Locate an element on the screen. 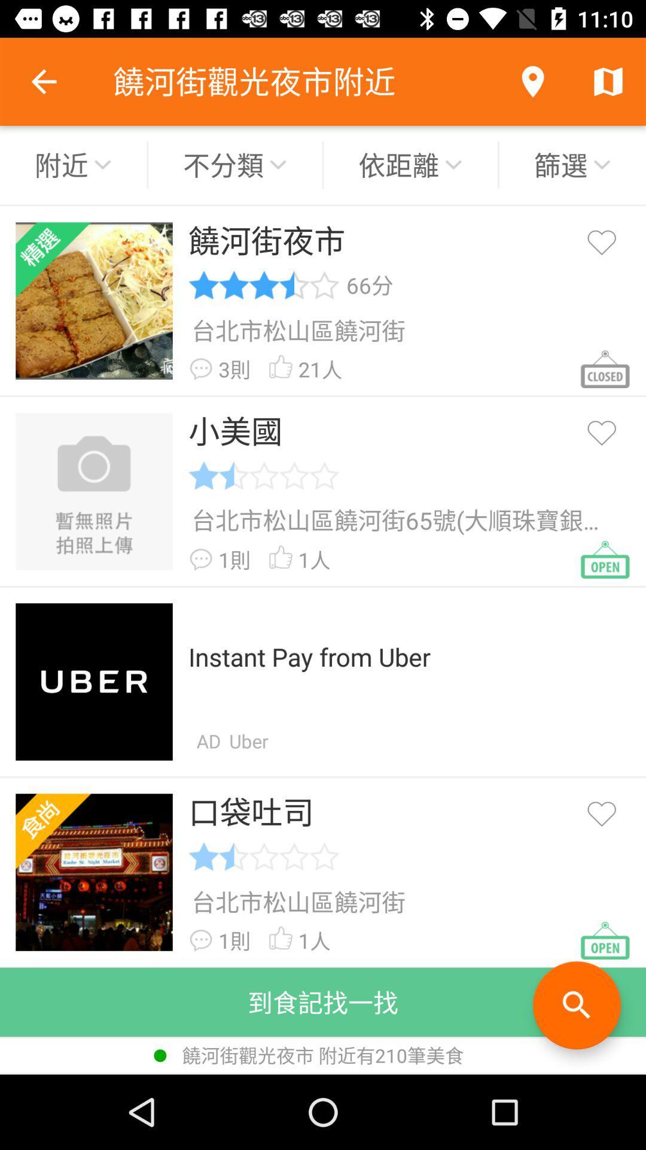  the search icon is located at coordinates (576, 1005).